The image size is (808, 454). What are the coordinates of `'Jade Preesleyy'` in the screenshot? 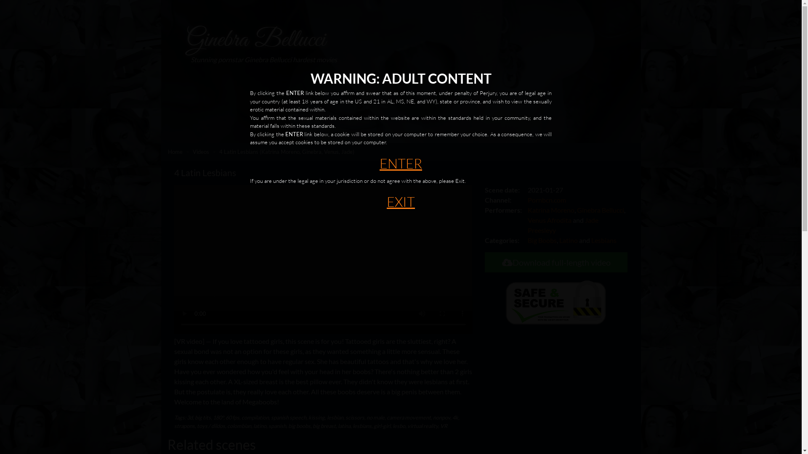 It's located at (527, 224).